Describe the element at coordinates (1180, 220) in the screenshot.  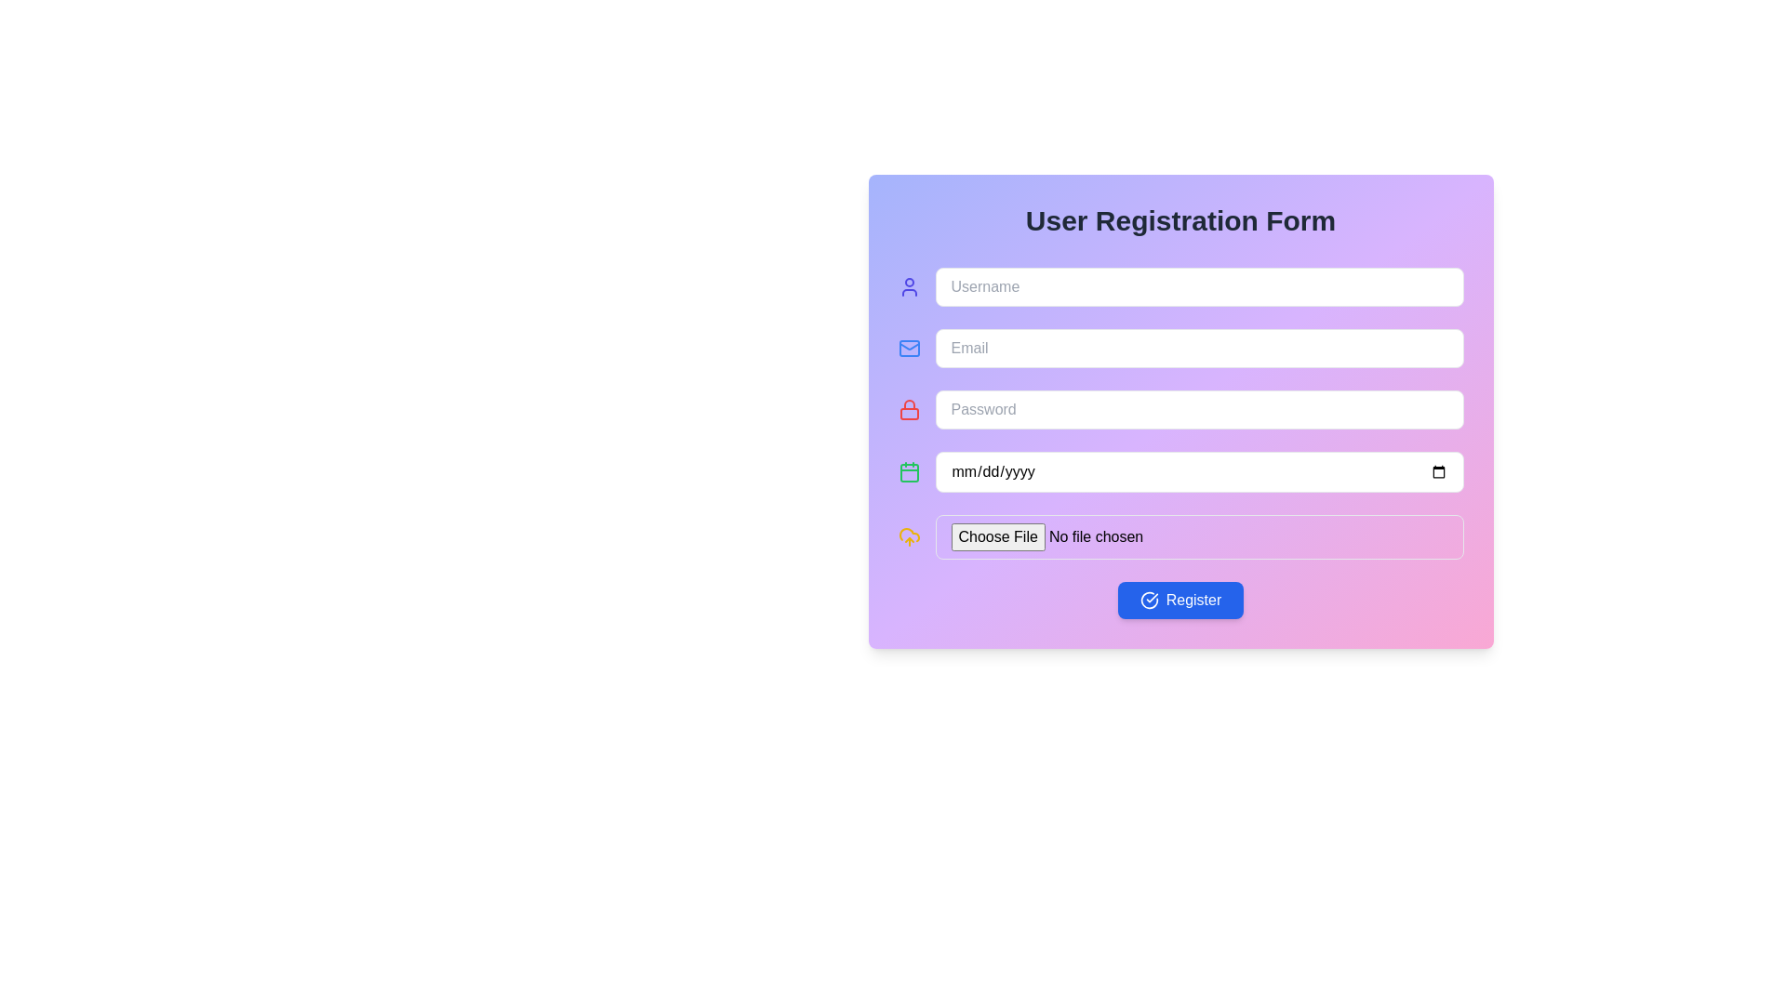
I see `the static text element displaying 'User Registration Form' which is bold and large, located at the top of the registration form card` at that location.